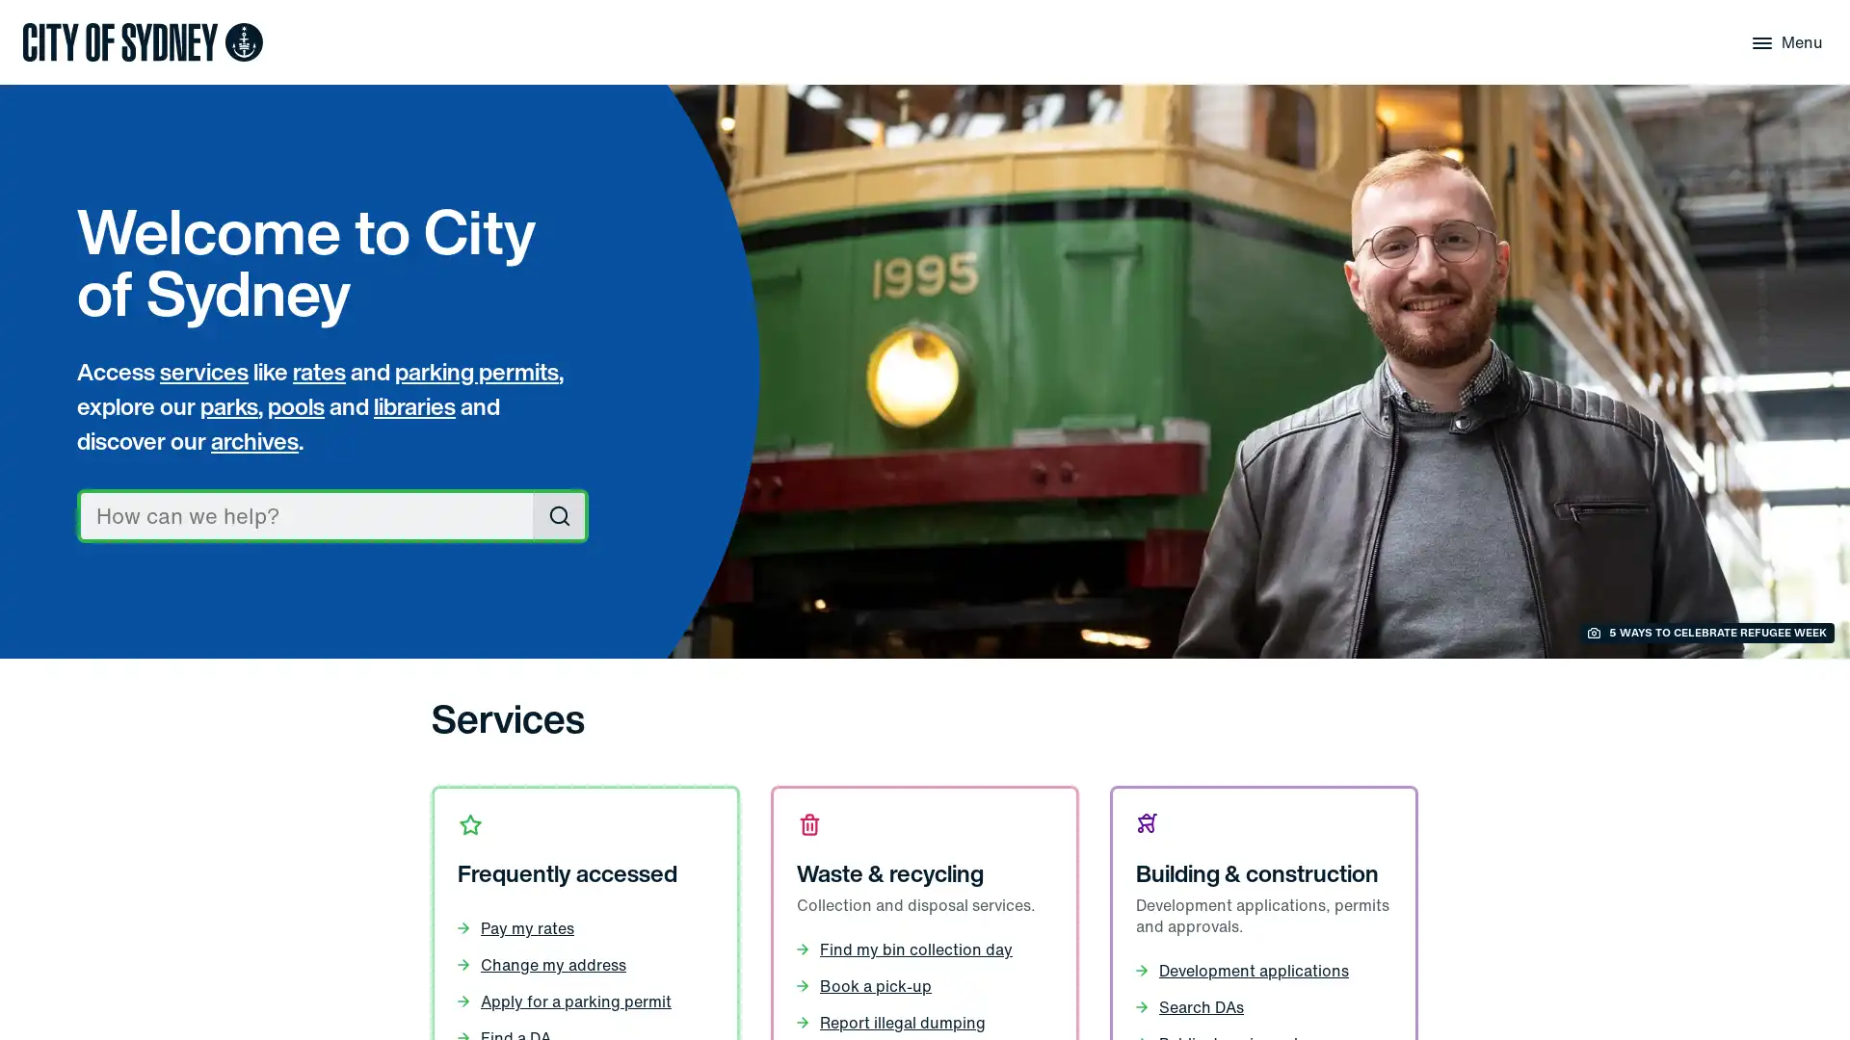 The height and width of the screenshot is (1040, 1850). What do you see at coordinates (1784, 41) in the screenshot?
I see `Menu` at bounding box center [1784, 41].